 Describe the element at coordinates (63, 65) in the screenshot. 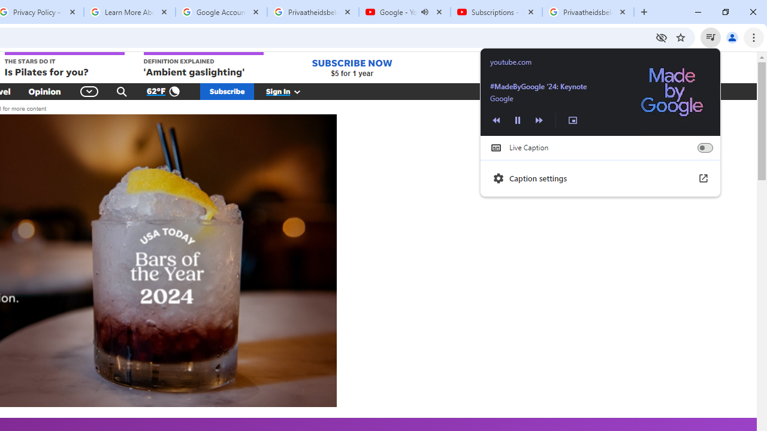

I see `'THE STARS DO IT Is Pilates for you?'` at that location.